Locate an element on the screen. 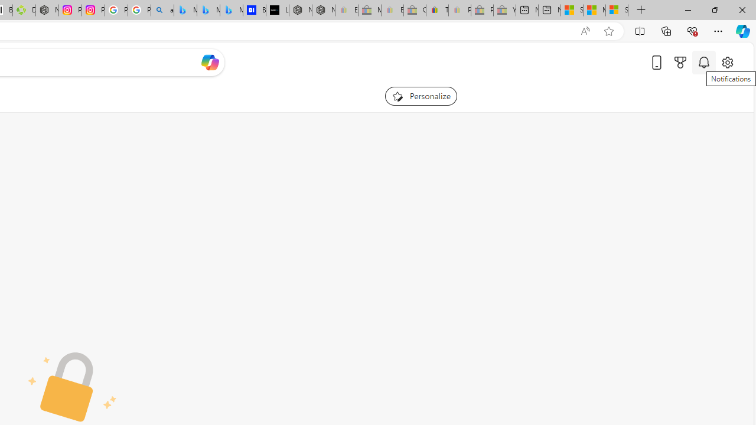 This screenshot has height=425, width=756. 'Personalize your feed"' is located at coordinates (421, 96).